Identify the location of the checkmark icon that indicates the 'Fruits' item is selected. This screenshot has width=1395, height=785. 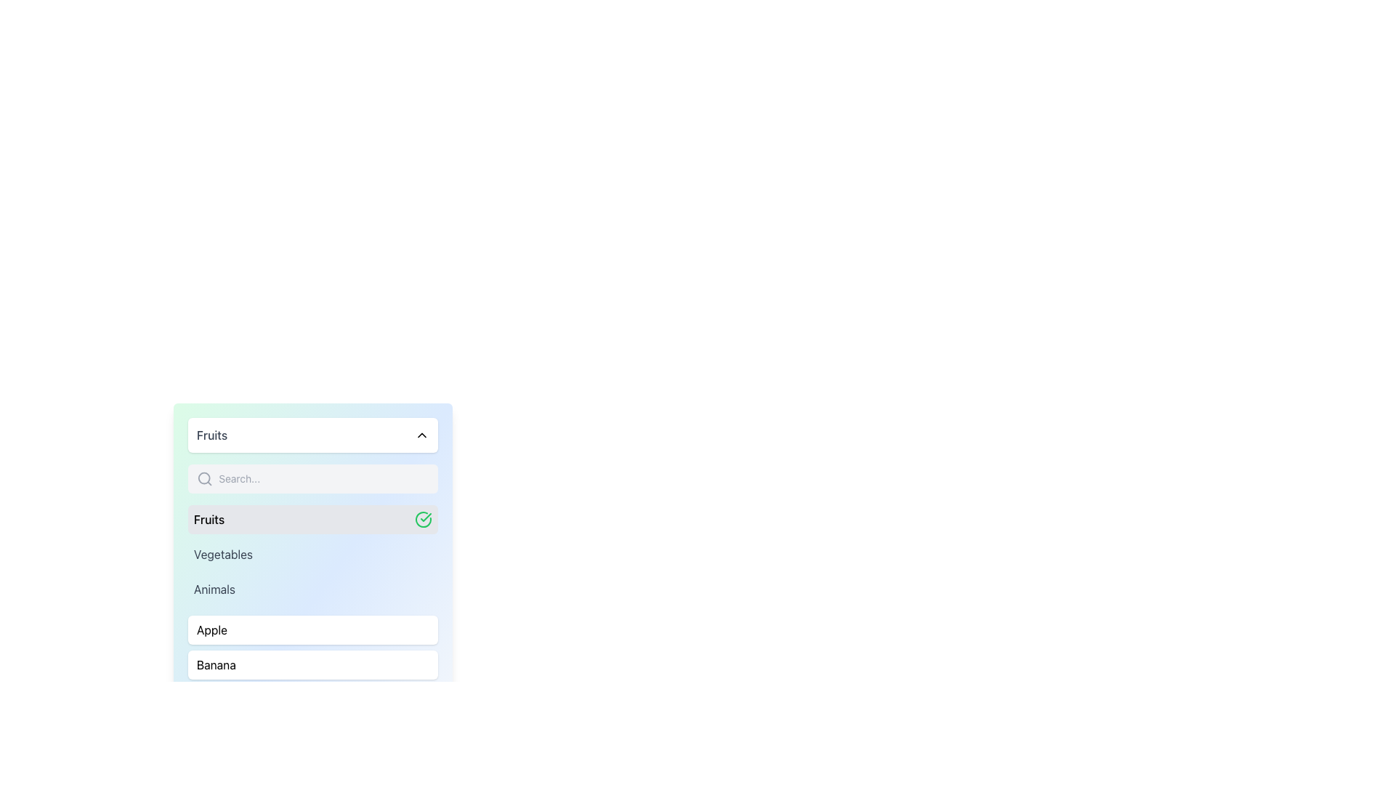
(422, 518).